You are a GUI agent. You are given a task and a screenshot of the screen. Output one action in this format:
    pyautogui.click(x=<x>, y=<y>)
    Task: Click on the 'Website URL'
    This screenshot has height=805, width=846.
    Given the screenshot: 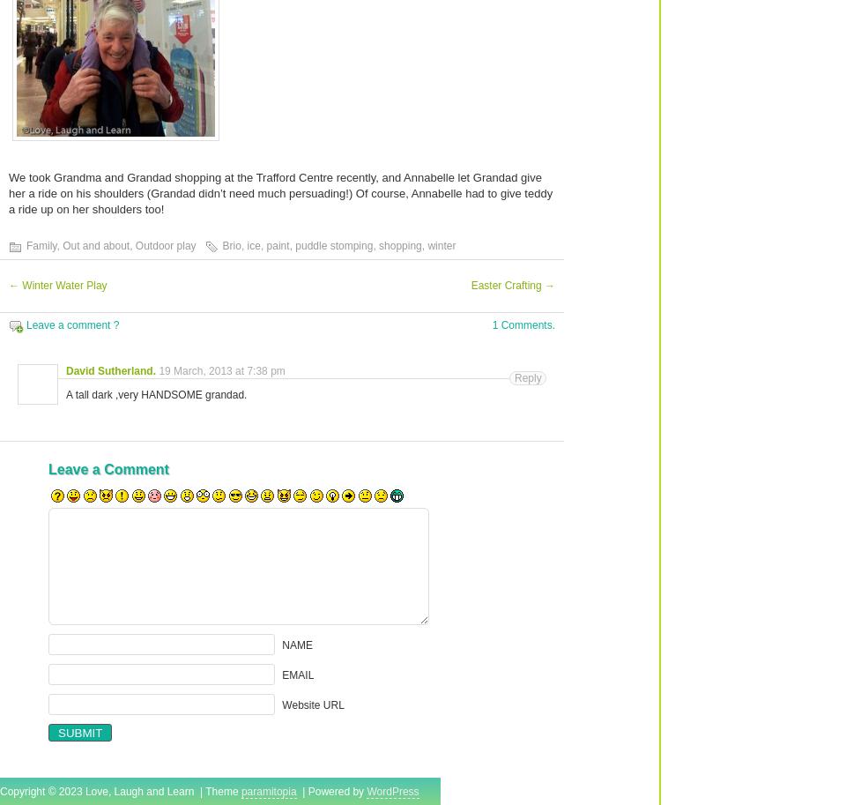 What is the action you would take?
    pyautogui.click(x=313, y=703)
    